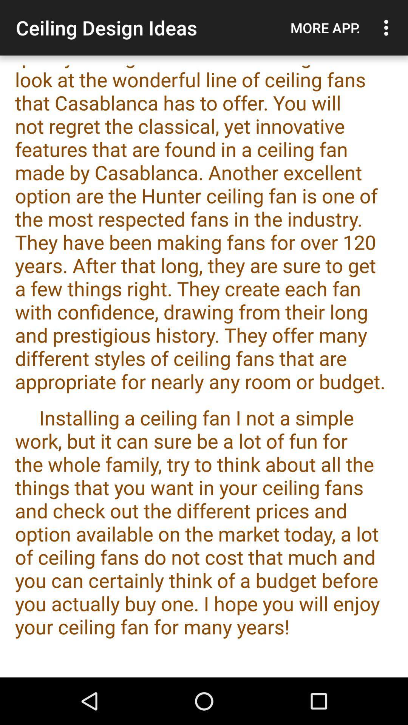  I want to click on the icon above the the ceiling fan, so click(388, 28).